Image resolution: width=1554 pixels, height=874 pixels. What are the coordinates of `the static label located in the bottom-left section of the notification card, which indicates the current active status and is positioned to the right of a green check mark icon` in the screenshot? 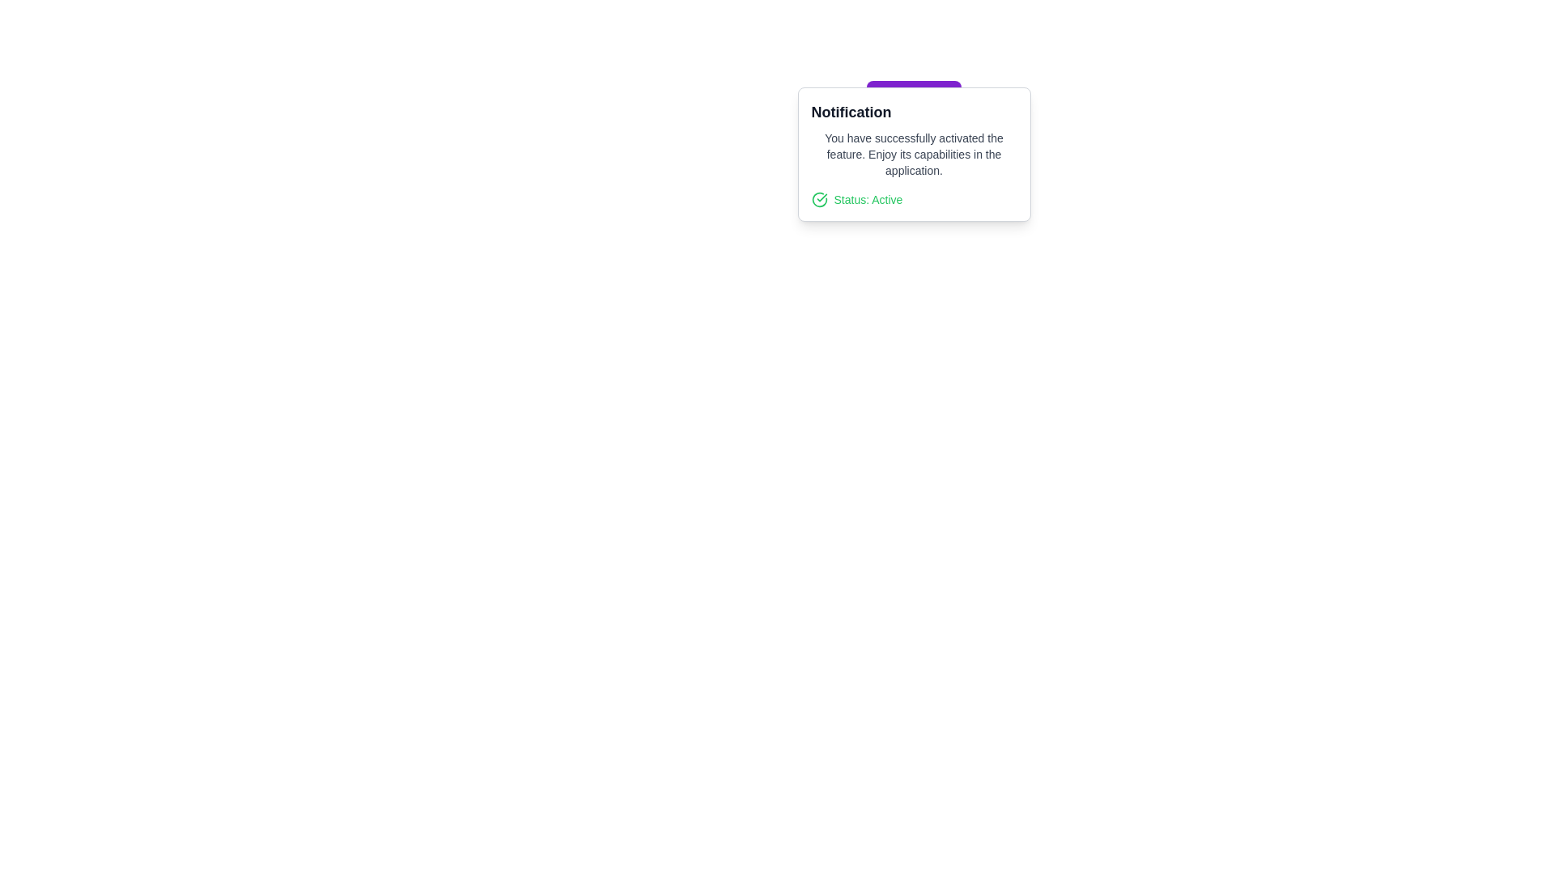 It's located at (867, 198).